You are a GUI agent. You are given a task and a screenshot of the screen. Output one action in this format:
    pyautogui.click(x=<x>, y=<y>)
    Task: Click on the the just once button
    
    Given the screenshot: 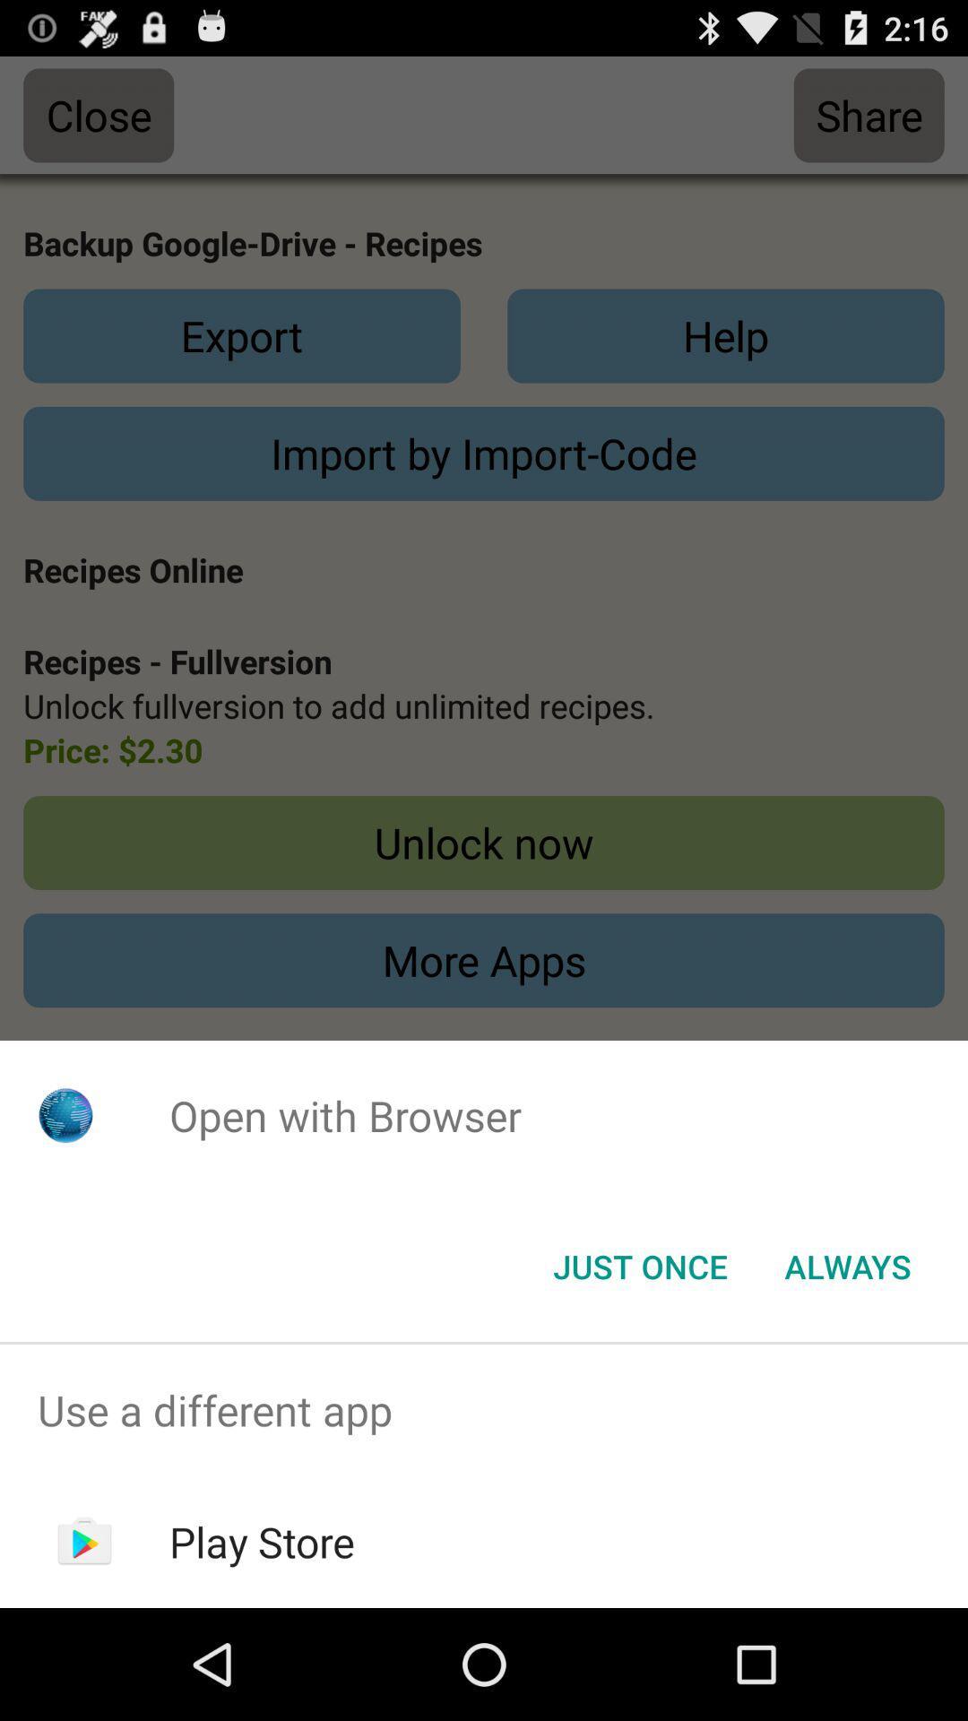 What is the action you would take?
    pyautogui.click(x=639, y=1265)
    